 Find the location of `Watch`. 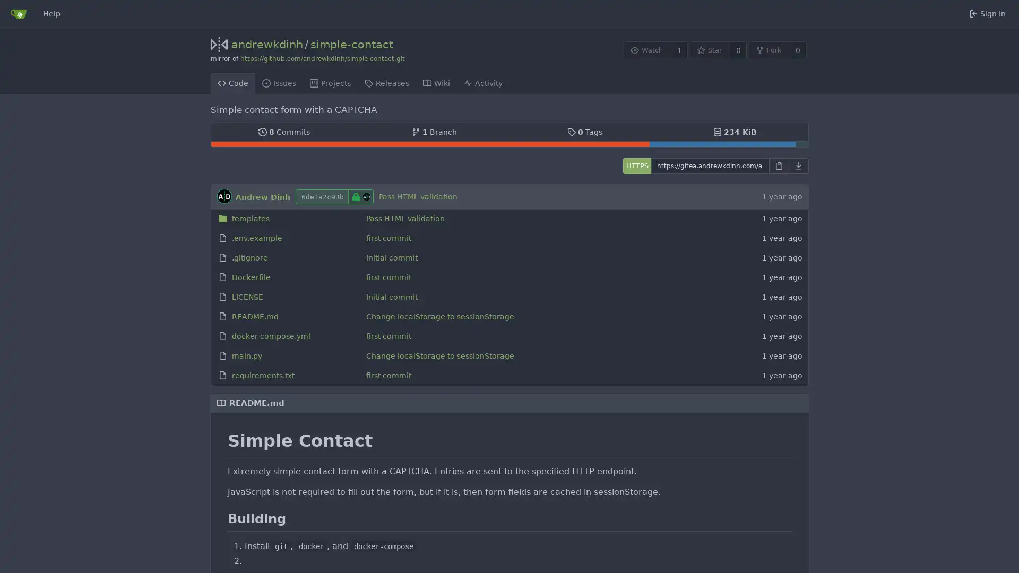

Watch is located at coordinates (646, 50).